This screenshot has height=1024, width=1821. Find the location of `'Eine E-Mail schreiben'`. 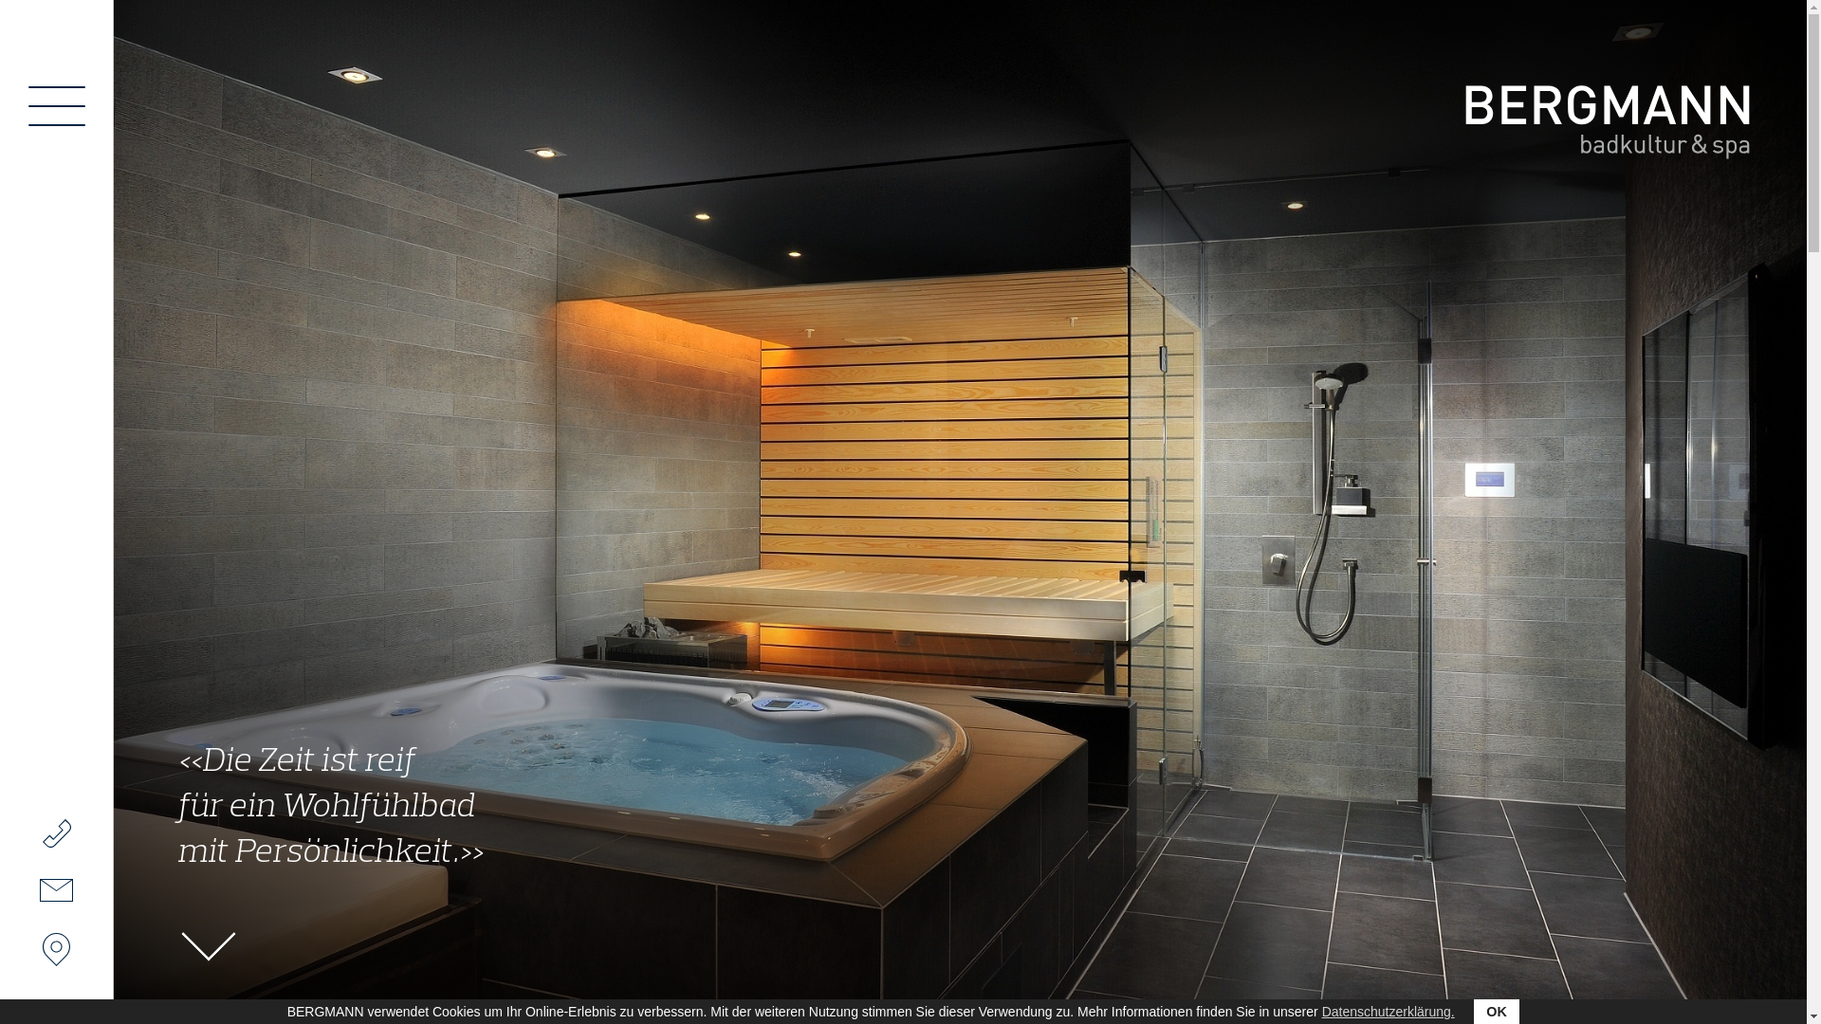

'Eine E-Mail schreiben' is located at coordinates (55, 889).